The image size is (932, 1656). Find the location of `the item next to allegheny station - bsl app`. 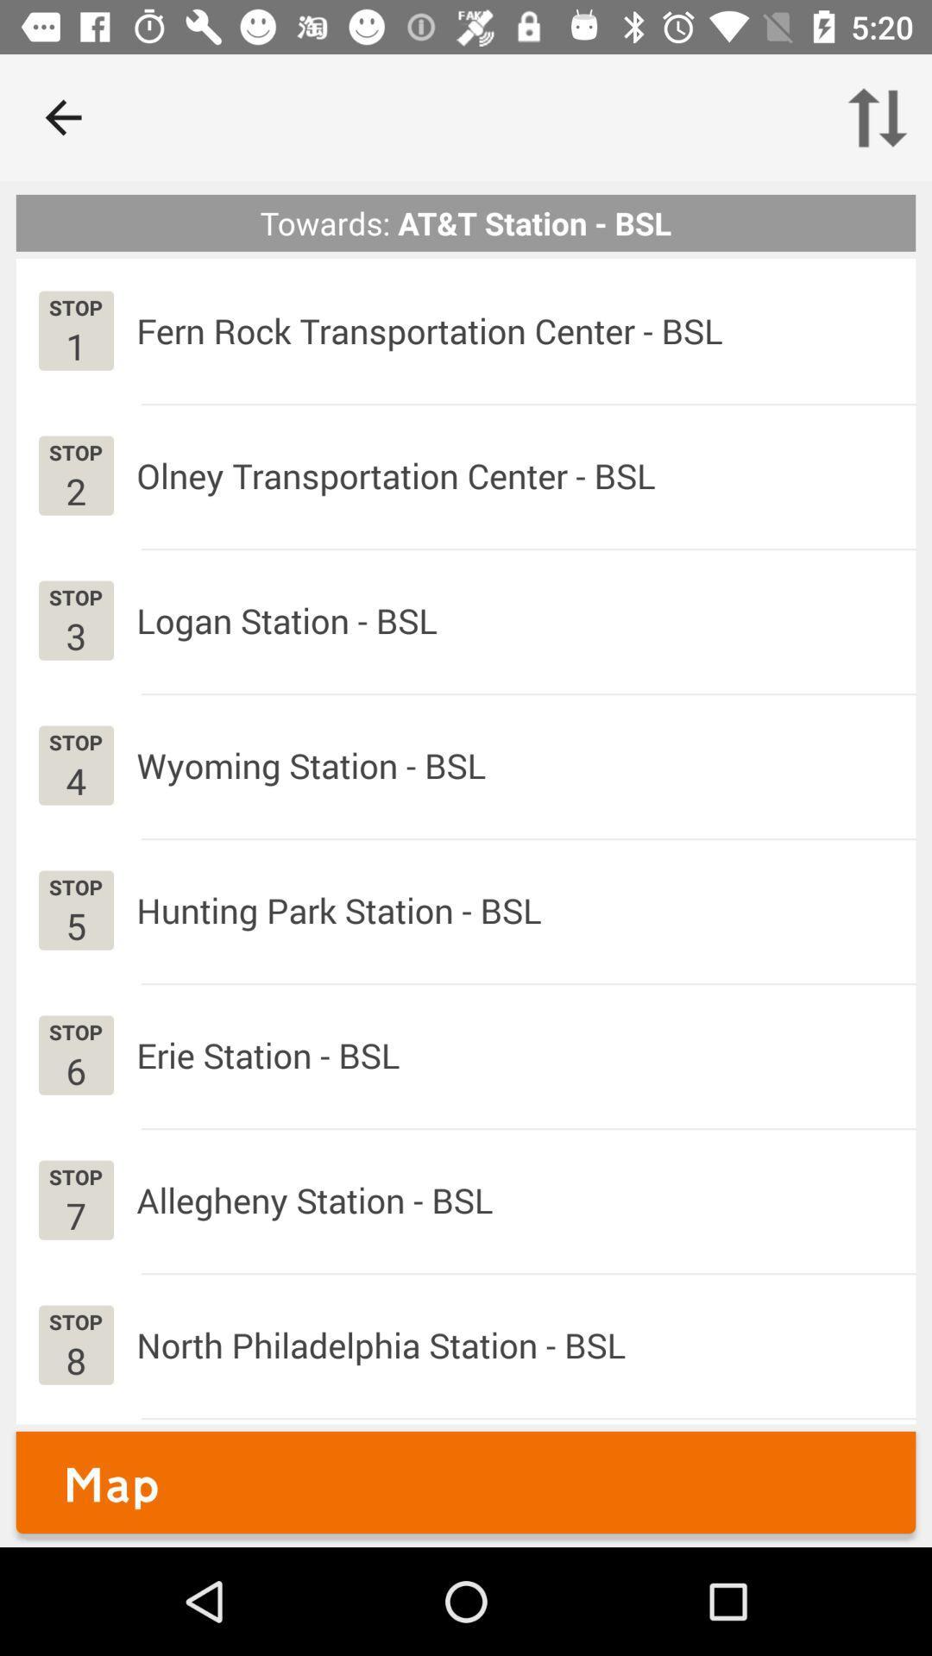

the item next to allegheny station - bsl app is located at coordinates (75, 1214).